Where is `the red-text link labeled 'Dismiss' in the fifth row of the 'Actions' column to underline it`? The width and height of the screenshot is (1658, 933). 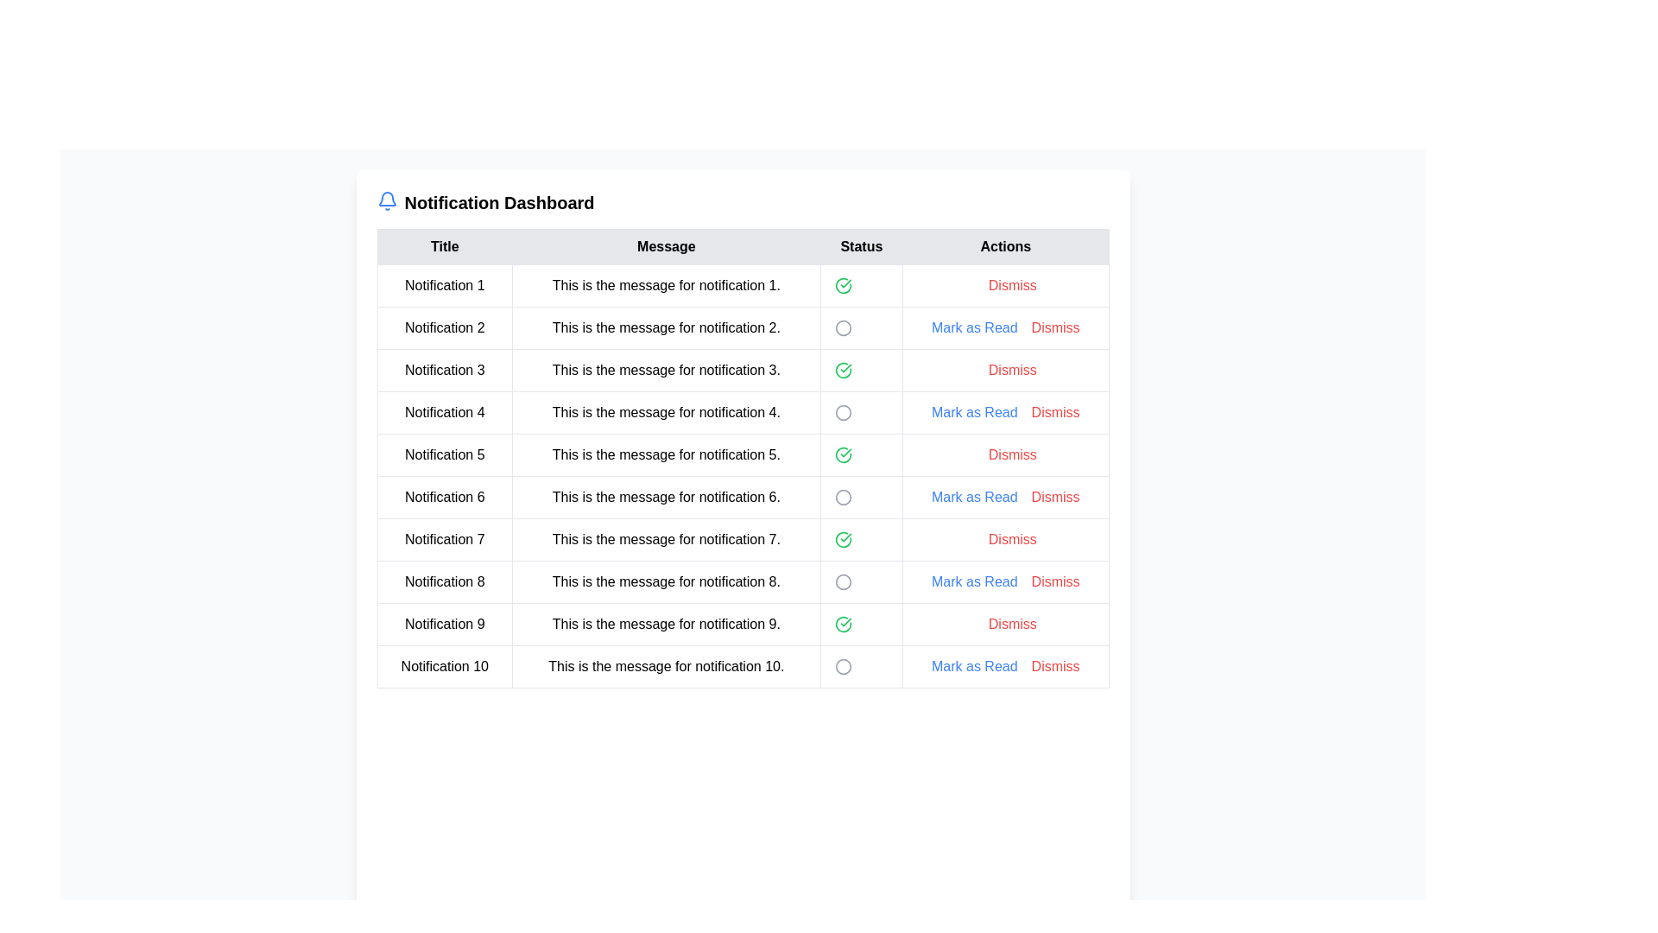 the red-text link labeled 'Dismiss' in the fifth row of the 'Actions' column to underline it is located at coordinates (1012, 454).